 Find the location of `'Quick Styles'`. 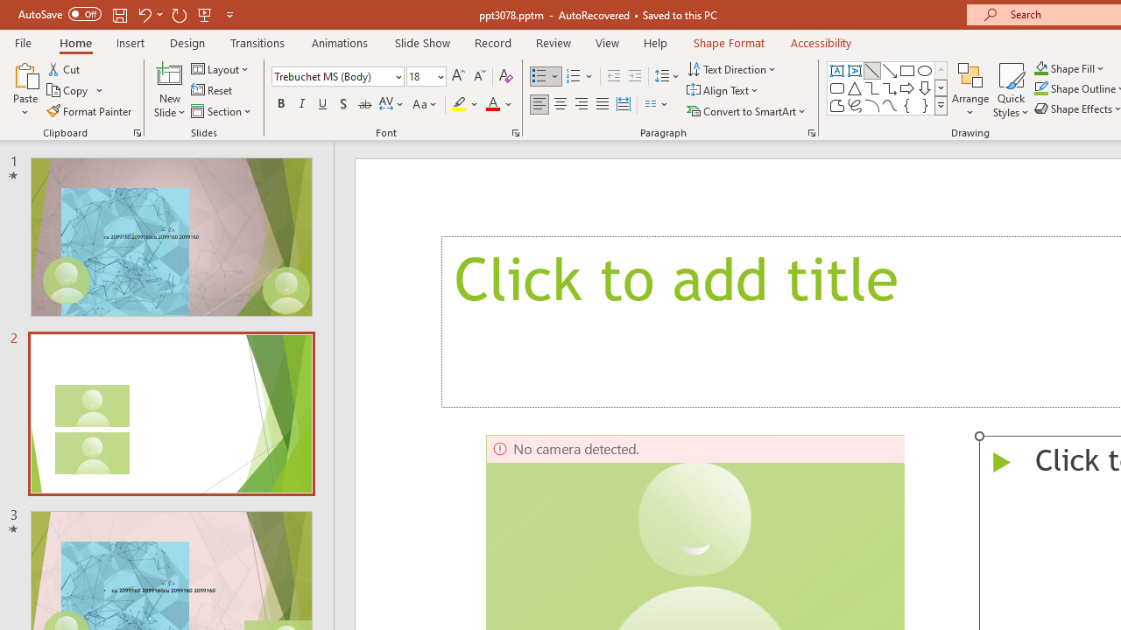

'Quick Styles' is located at coordinates (1011, 90).